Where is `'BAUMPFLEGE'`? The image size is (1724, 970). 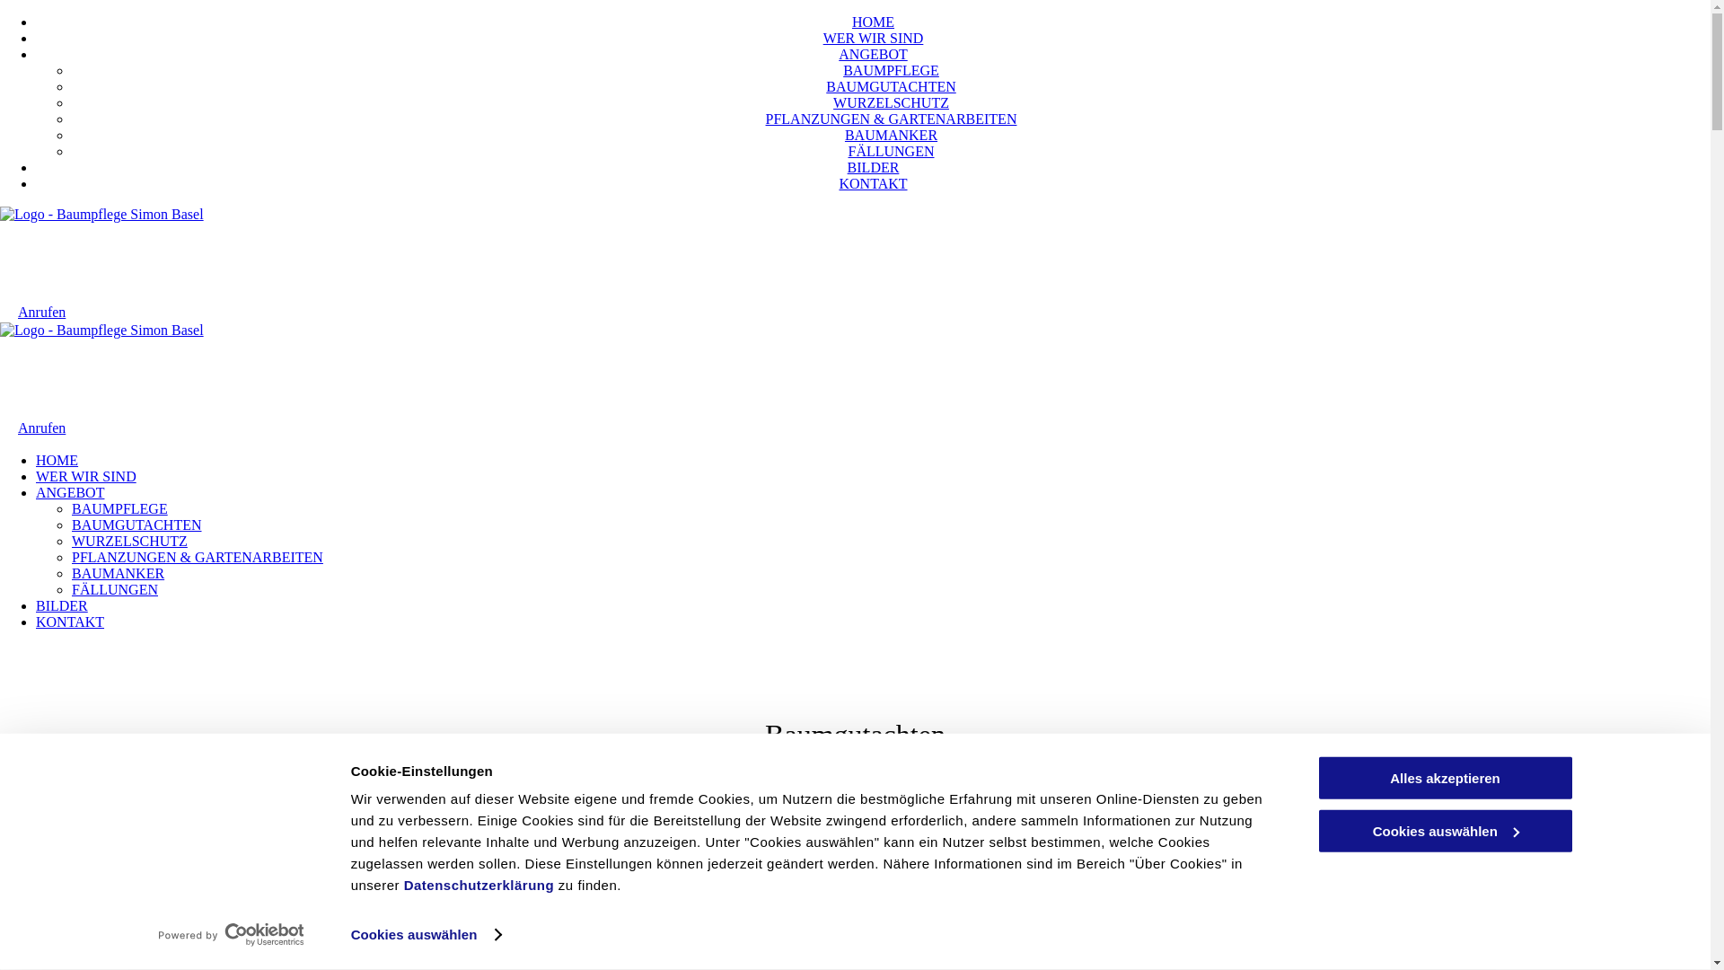
'BAUMPFLEGE' is located at coordinates (842, 69).